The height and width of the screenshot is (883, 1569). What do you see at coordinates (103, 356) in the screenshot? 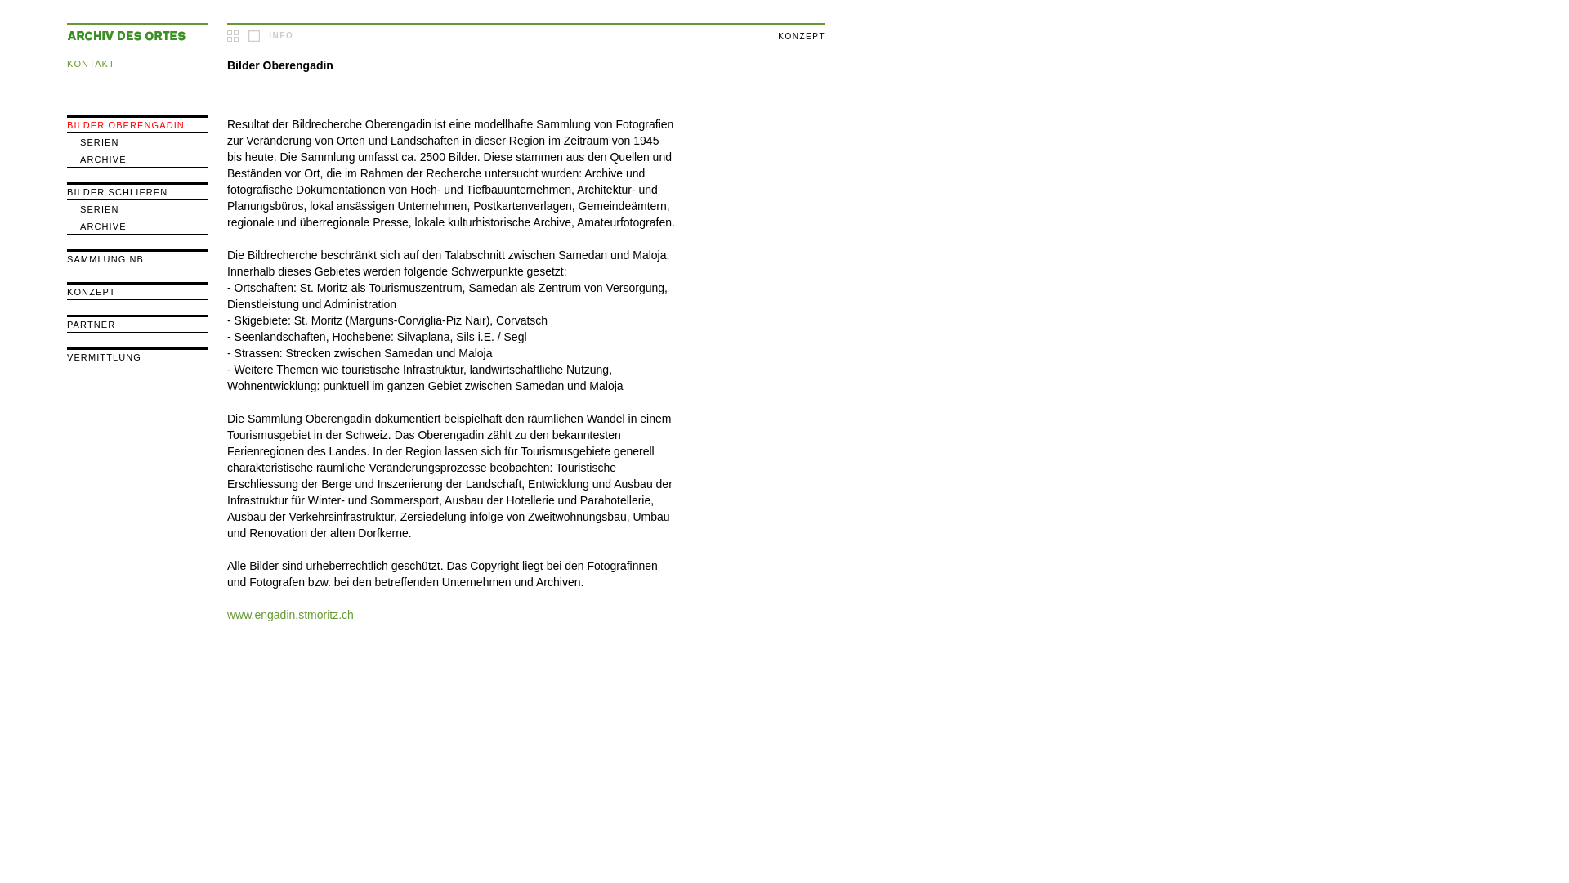
I see `'VERMITTLUNG'` at bounding box center [103, 356].